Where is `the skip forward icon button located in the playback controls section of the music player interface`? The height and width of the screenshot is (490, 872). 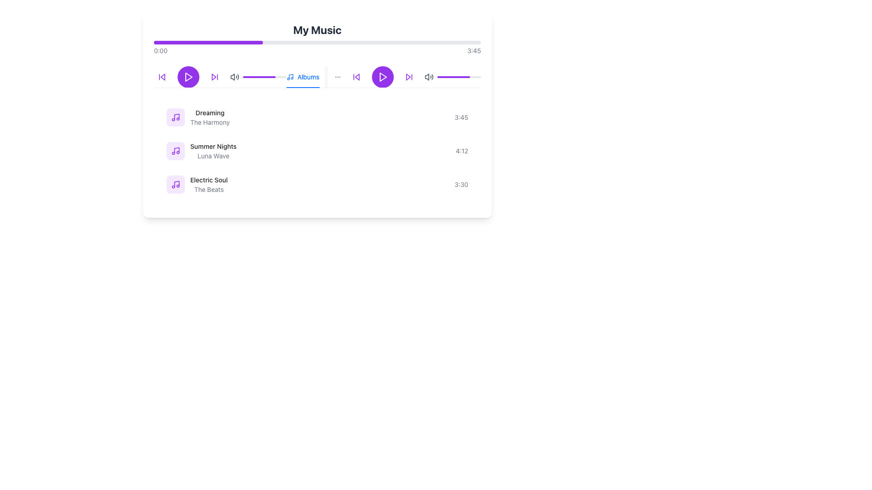 the skip forward icon button located in the playback controls section of the music player interface is located at coordinates (409, 76).